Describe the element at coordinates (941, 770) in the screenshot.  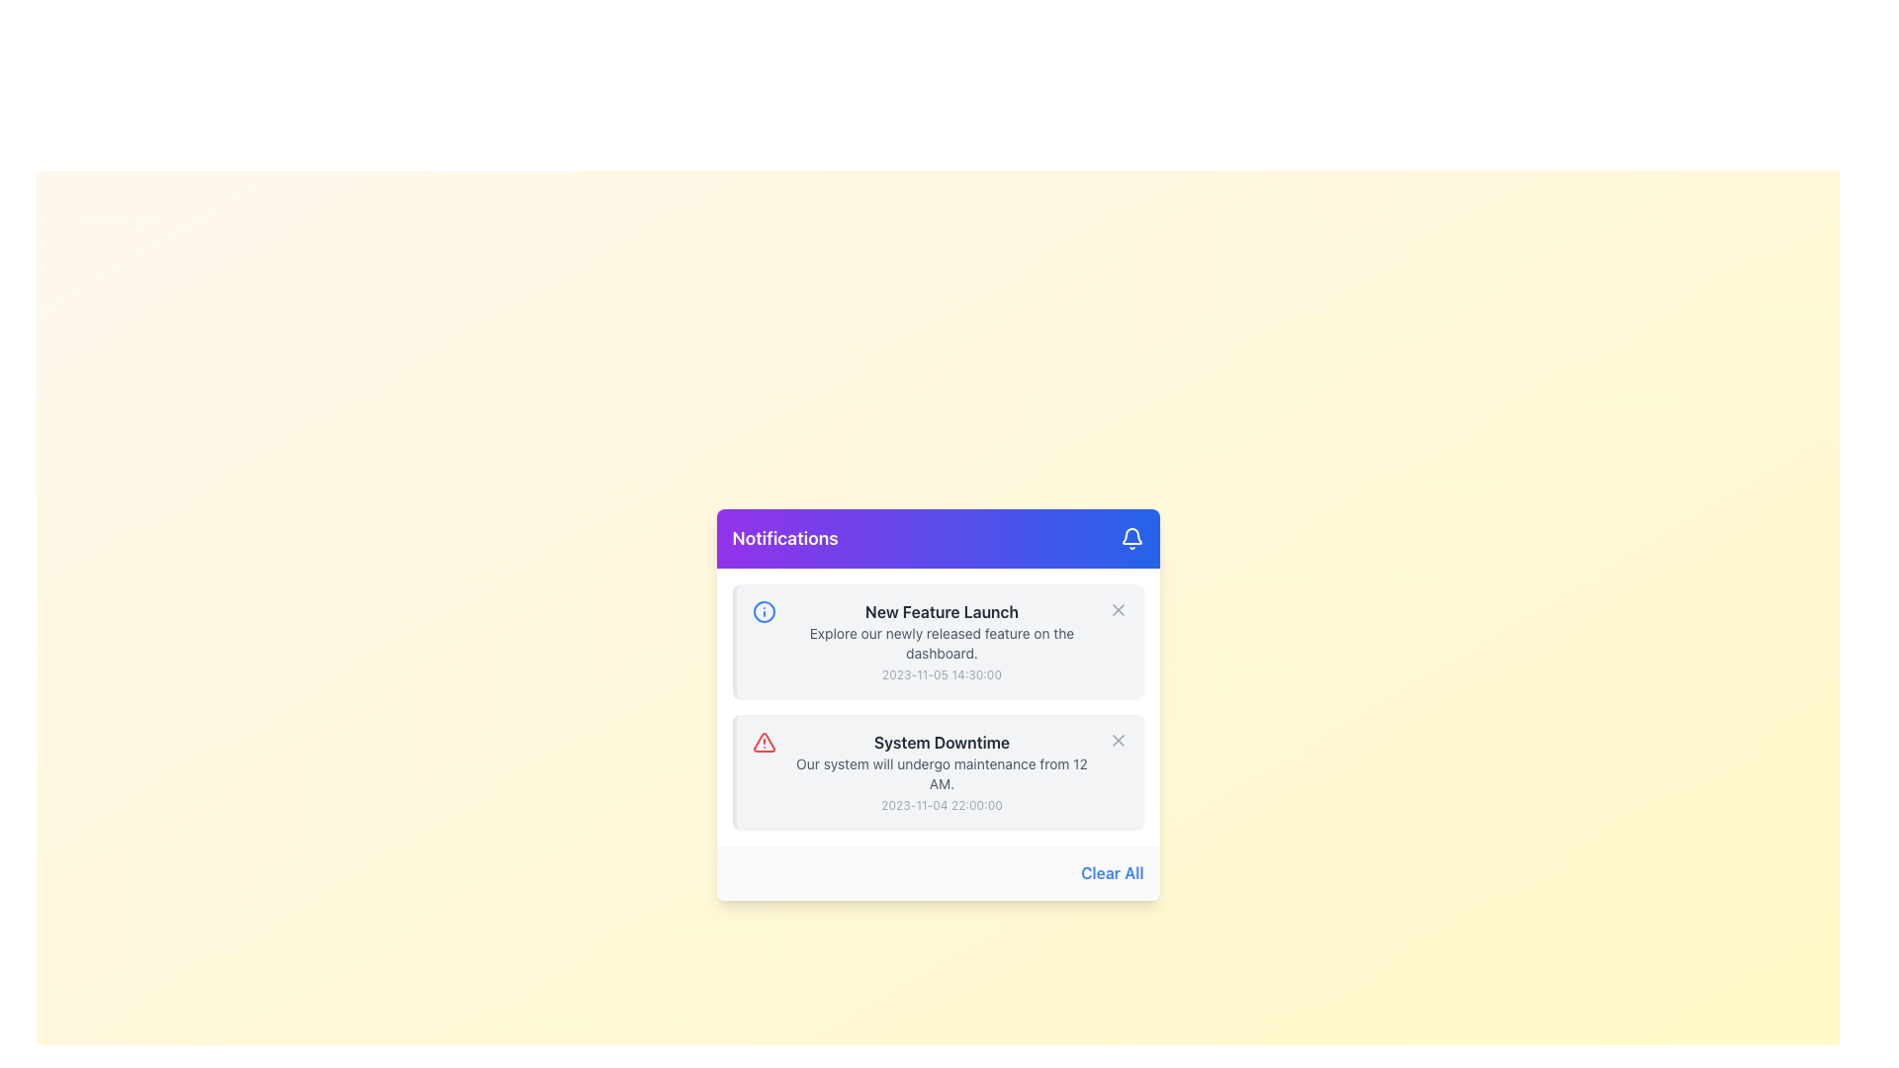
I see `announcement details from the text content located in the second notification card within the notifications panel, which provides information about upcoming system downtime` at that location.